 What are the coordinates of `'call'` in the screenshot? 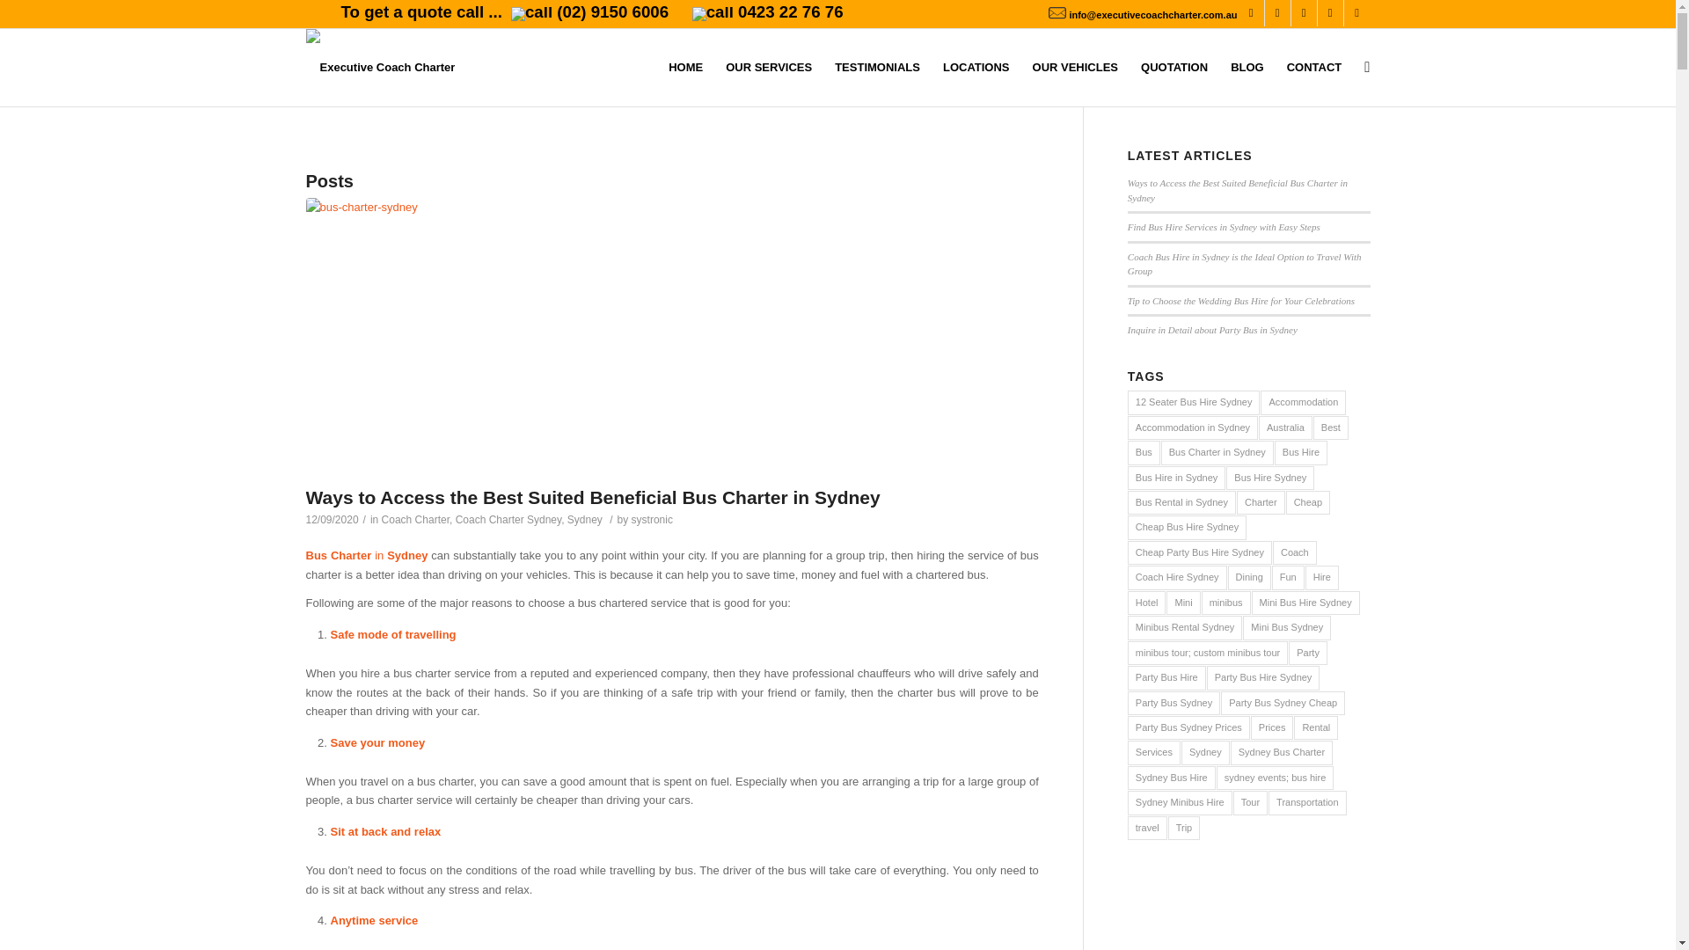 It's located at (530, 13).